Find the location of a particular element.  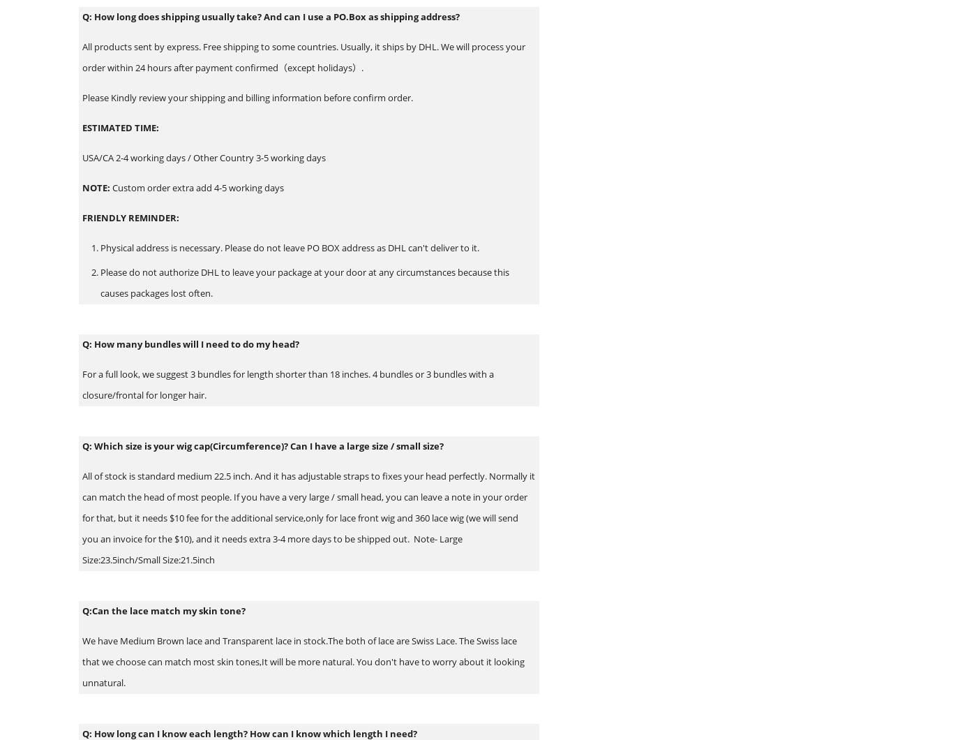

'Q:Can the lace match my skin tone?' is located at coordinates (163, 611).